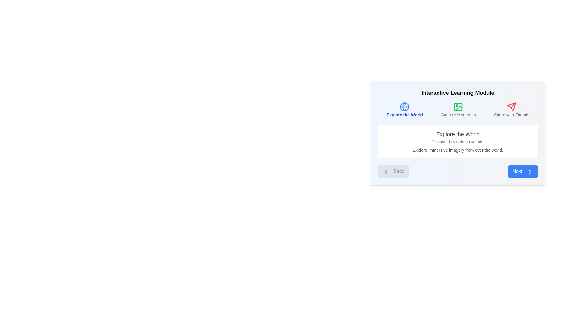 The height and width of the screenshot is (329, 585). Describe the element at coordinates (529, 172) in the screenshot. I see `the 'Next' button that contains the right-chevron icon, located at the bottom-right corner of the interface` at that location.